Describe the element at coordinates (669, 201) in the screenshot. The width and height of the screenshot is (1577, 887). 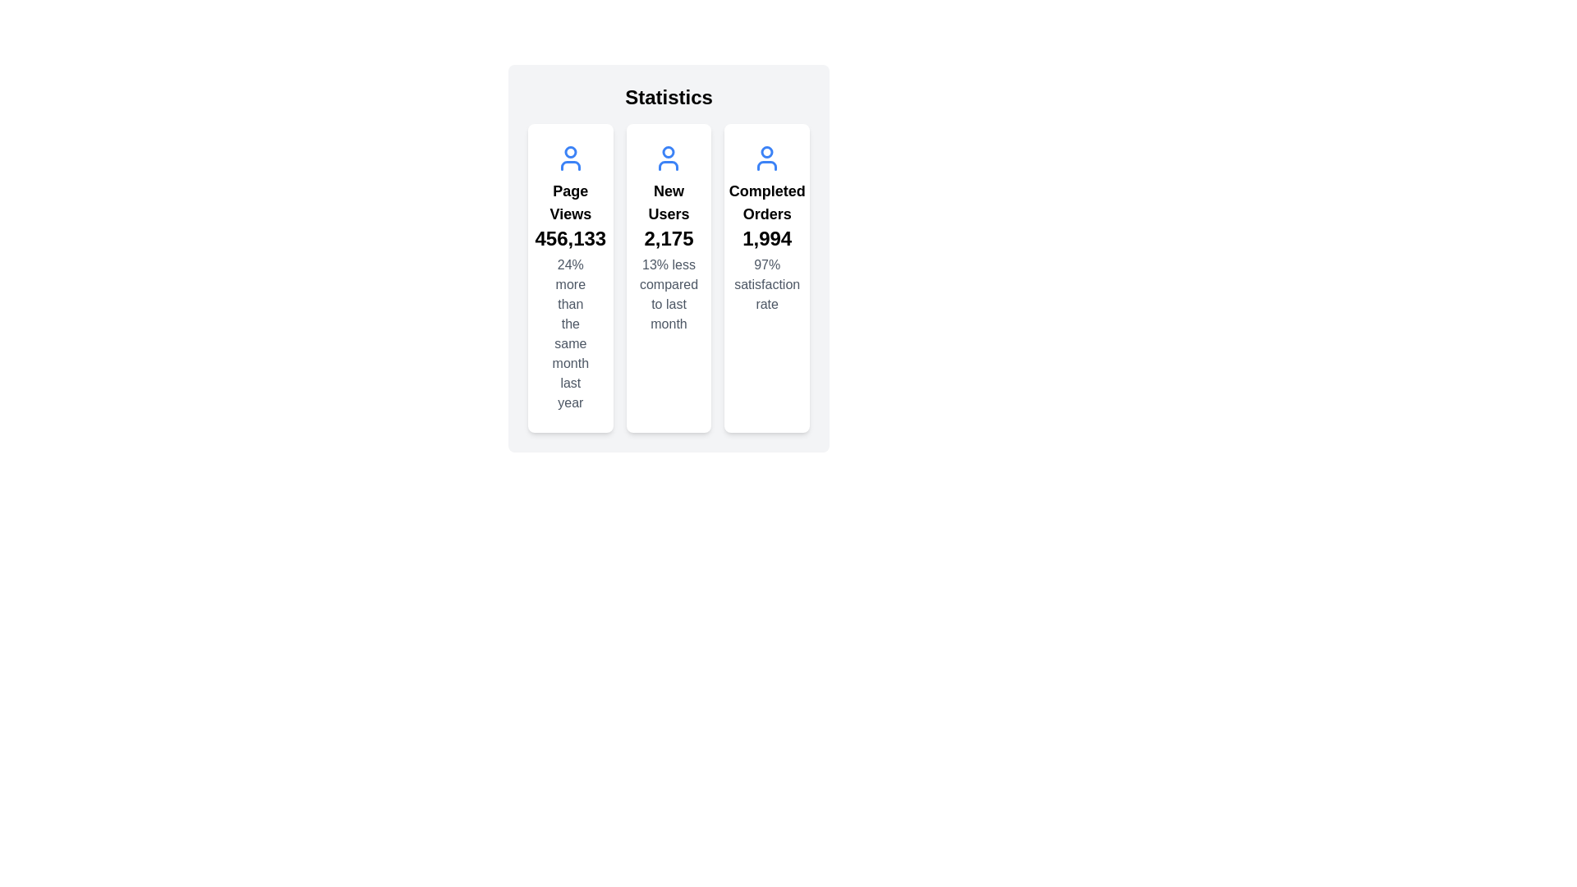
I see `text label that identifies the data for new users, located in the central card of a three-column layout, below a user icon and above a numerical value text block` at that location.